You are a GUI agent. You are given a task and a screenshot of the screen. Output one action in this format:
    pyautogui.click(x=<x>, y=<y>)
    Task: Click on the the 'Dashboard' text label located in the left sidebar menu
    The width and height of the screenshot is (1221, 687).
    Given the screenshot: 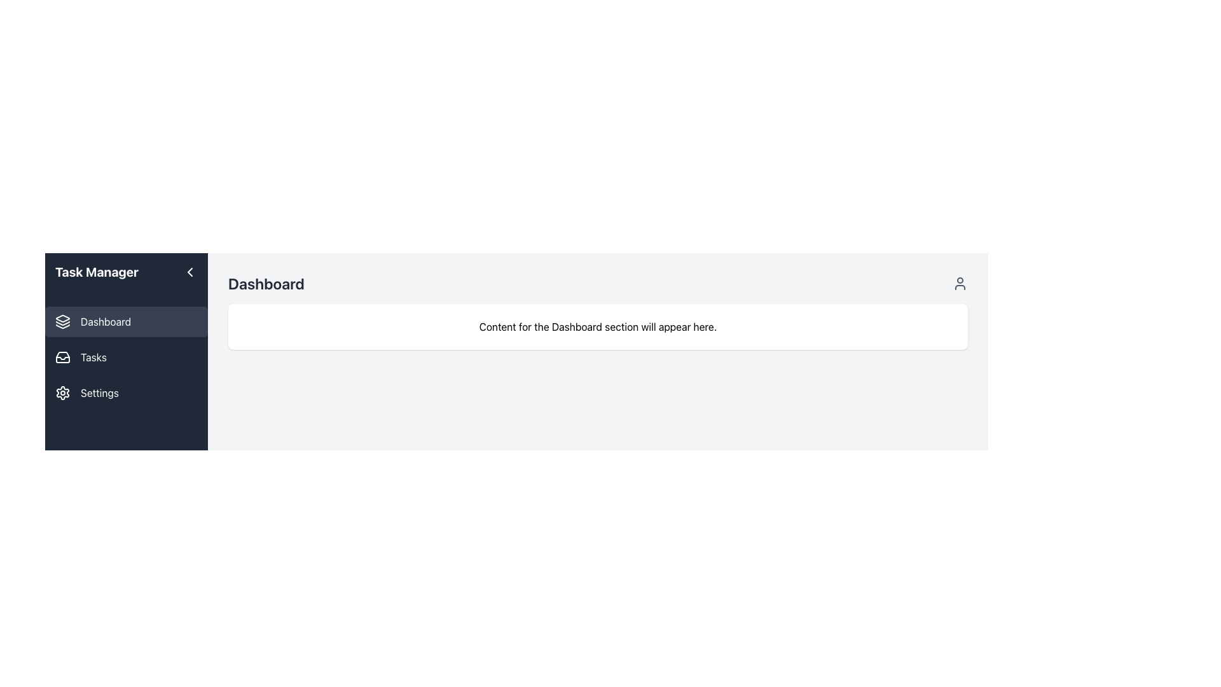 What is the action you would take?
    pyautogui.click(x=106, y=321)
    